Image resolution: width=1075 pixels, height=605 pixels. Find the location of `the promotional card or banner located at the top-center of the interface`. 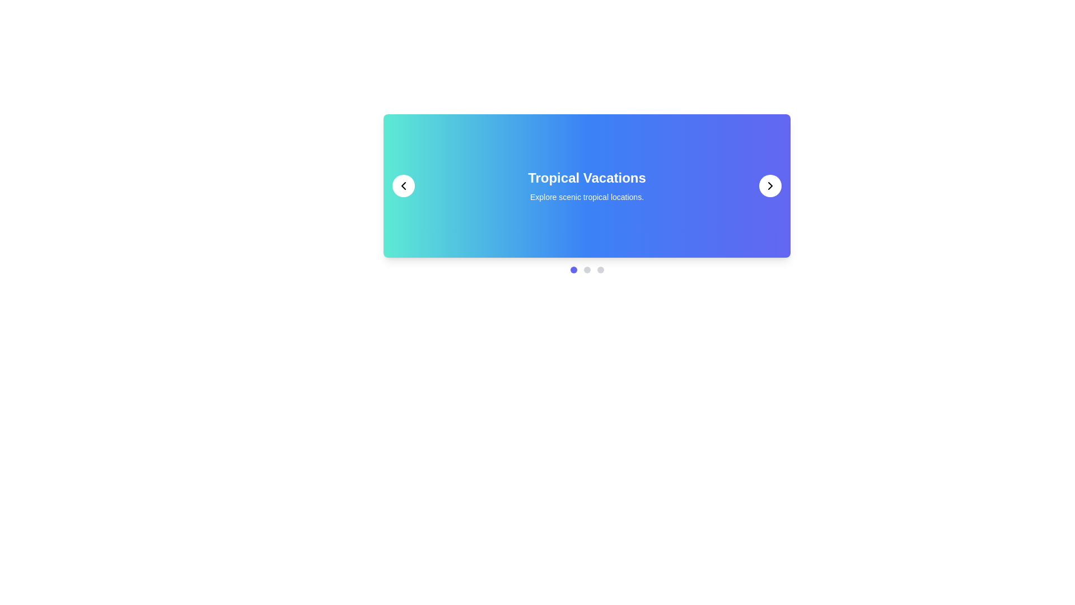

the promotional card or banner located at the top-center of the interface is located at coordinates (586, 193).